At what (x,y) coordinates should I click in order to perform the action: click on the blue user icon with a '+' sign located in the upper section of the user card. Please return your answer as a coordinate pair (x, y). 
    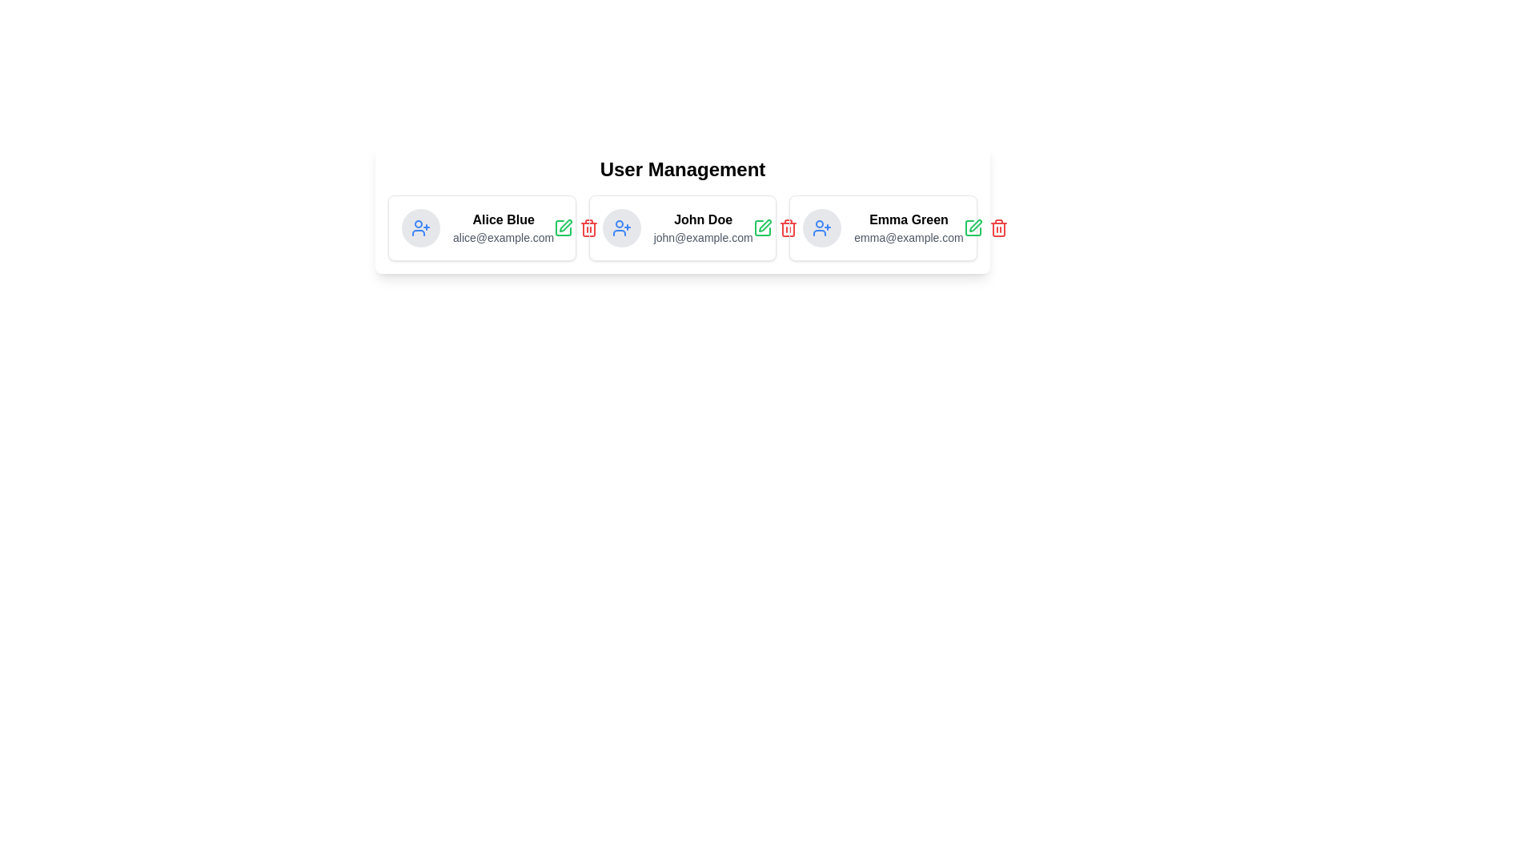
    Looking at the image, I should click on (421, 228).